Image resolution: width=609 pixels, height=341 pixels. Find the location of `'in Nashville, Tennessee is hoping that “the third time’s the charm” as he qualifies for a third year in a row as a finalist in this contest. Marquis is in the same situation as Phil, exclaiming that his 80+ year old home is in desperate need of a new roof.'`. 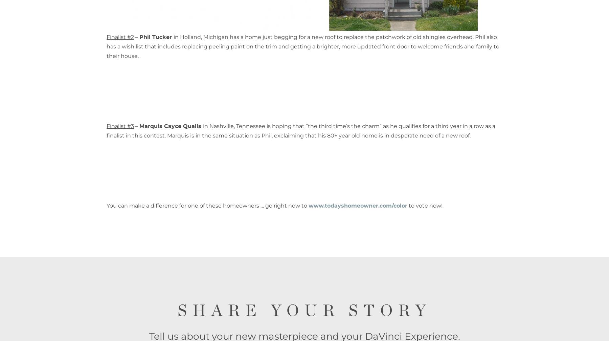

'in Nashville, Tennessee is hoping that “the third time’s the charm” as he qualifies for a third year in a row as a finalist in this contest. Marquis is in the same situation as Phil, exclaiming that his 80+ year old home is in desperate need of a new roof.' is located at coordinates (301, 131).